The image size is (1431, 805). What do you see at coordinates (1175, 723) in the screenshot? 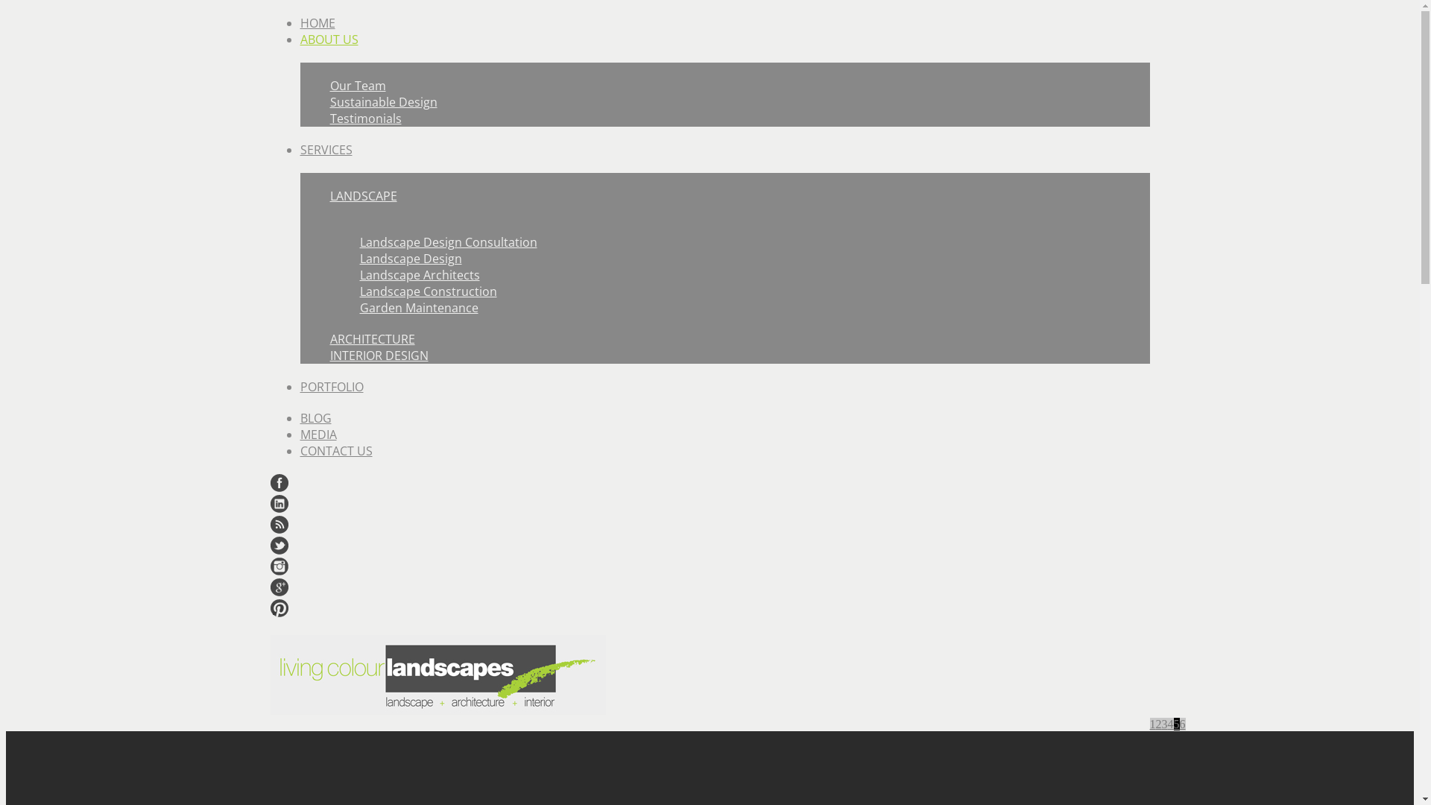
I see `'5'` at bounding box center [1175, 723].